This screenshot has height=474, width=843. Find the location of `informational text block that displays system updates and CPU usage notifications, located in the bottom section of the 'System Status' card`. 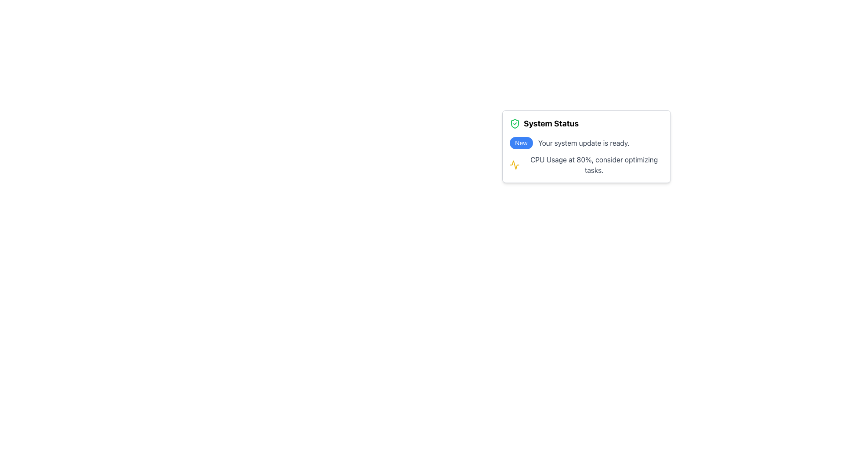

informational text block that displays system updates and CPU usage notifications, located in the bottom section of the 'System Status' card is located at coordinates (586, 155).